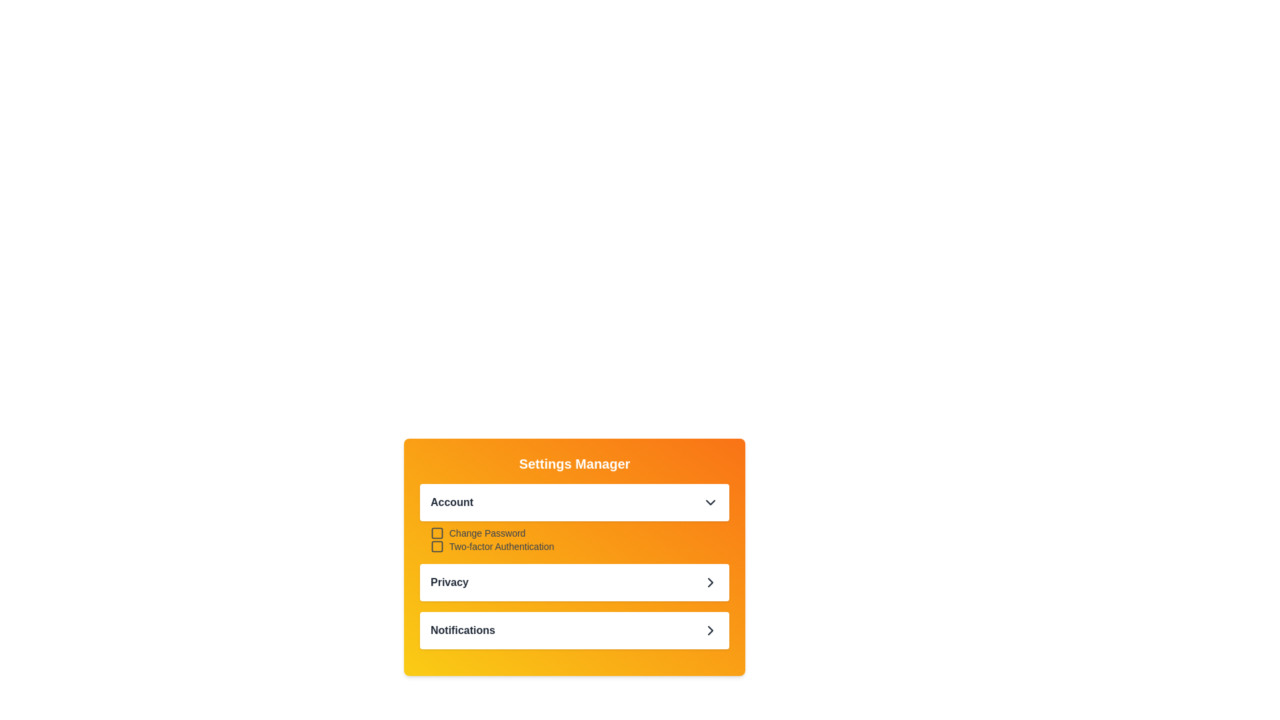 The width and height of the screenshot is (1280, 720). Describe the element at coordinates (437, 532) in the screenshot. I see `the square checkbox icon located to the left of the 'Change Password' text in the 'Settings Manager' interface` at that location.